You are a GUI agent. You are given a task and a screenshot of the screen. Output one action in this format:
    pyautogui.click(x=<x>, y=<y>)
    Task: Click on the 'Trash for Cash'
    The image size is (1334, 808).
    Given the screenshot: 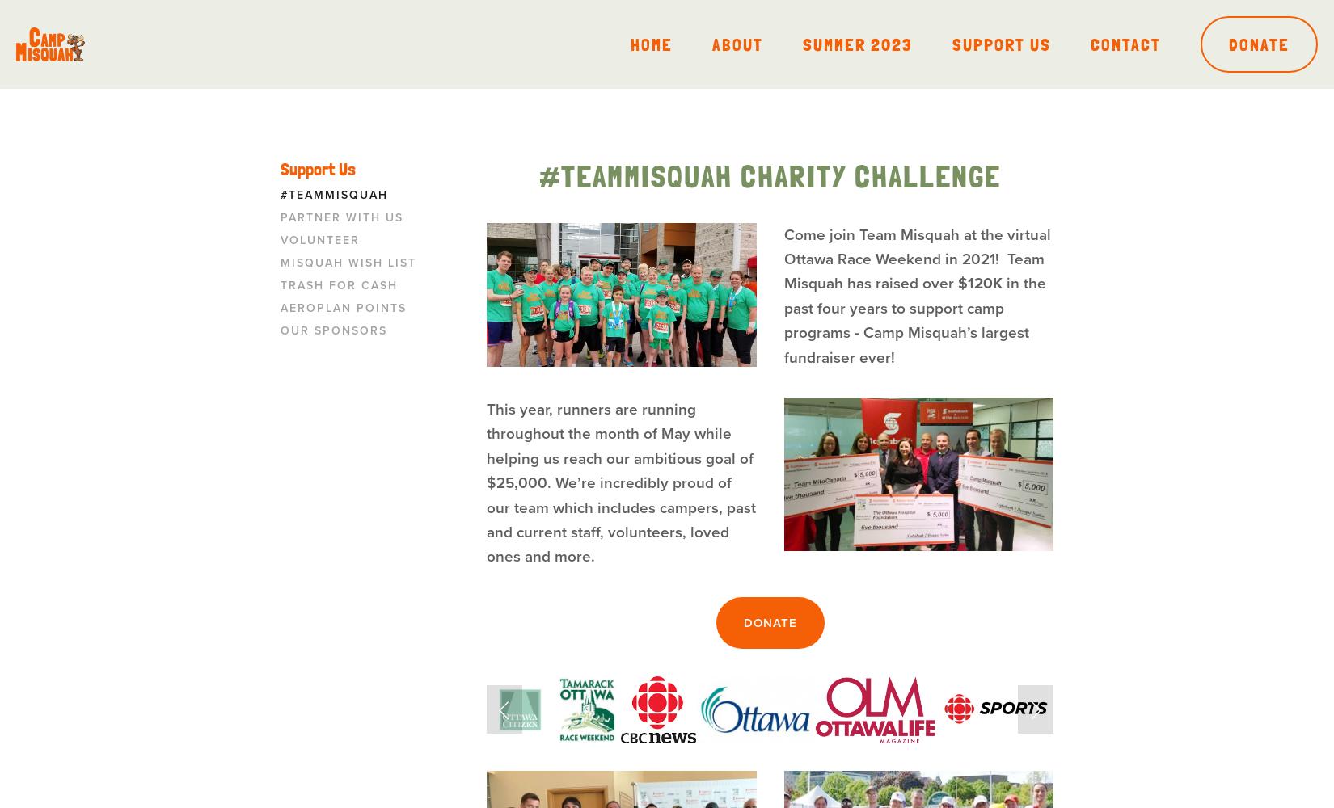 What is the action you would take?
    pyautogui.click(x=338, y=284)
    